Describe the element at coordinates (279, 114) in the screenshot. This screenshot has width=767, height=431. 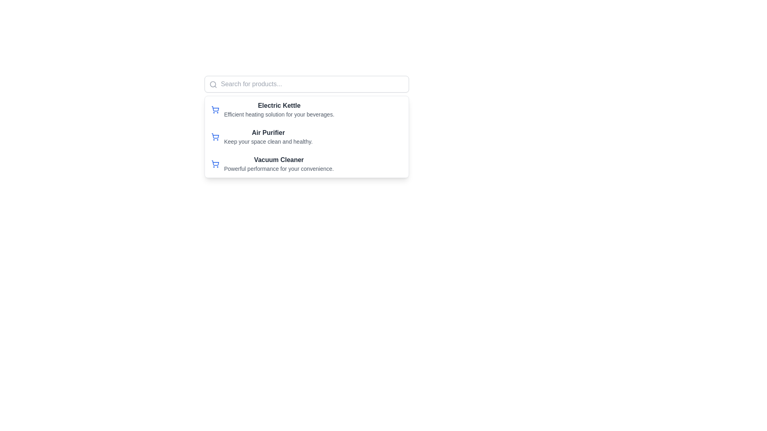
I see `descriptive text label positioned below the title 'Electric Kettle' in the product list` at that location.